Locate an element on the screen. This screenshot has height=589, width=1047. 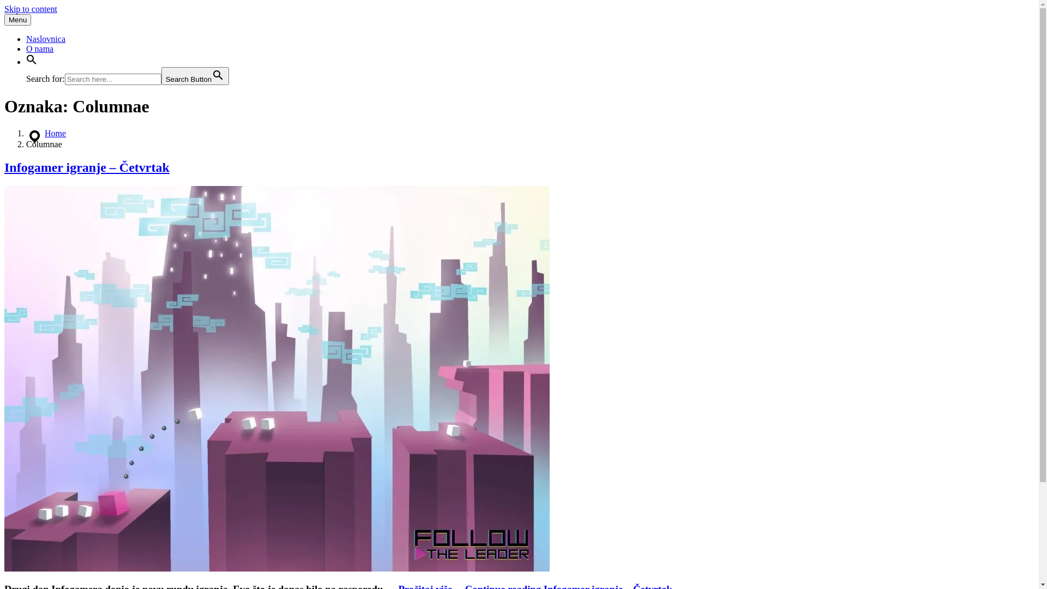
'O nama' is located at coordinates (39, 48).